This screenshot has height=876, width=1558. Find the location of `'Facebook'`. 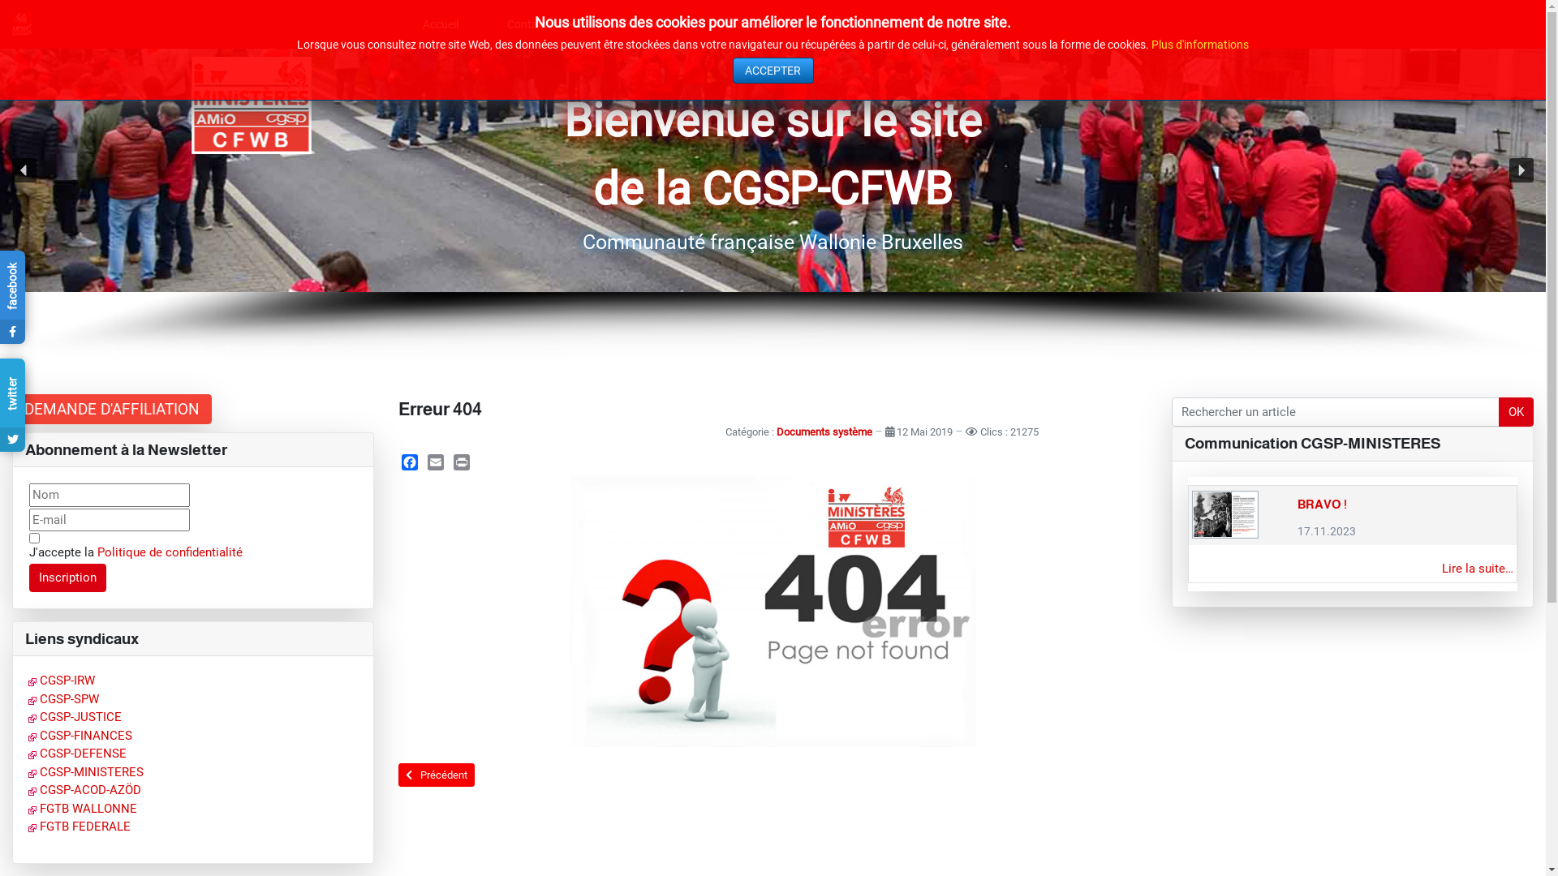

'Facebook' is located at coordinates (409, 462).